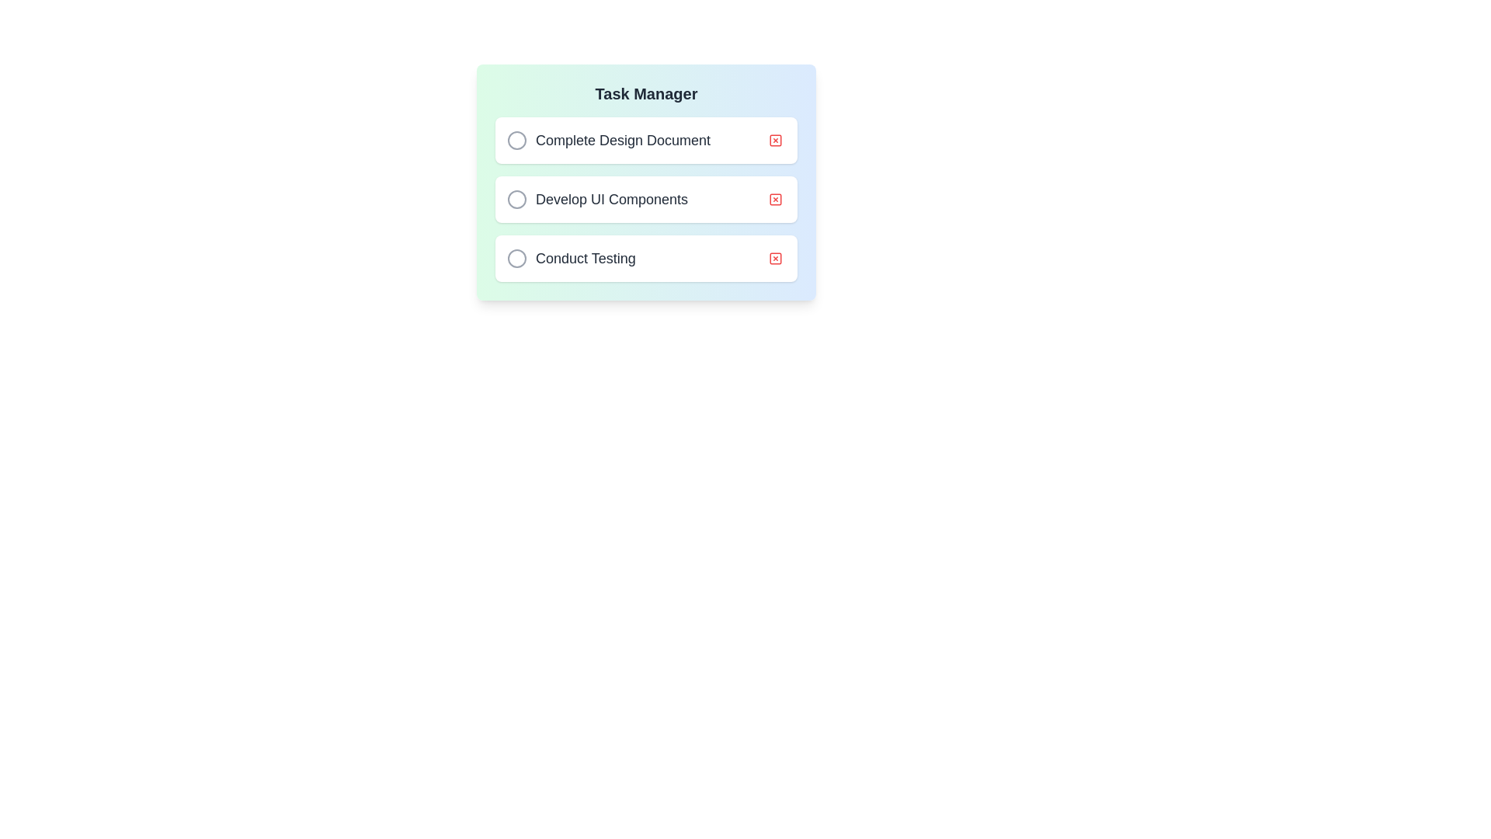  What do you see at coordinates (775, 199) in the screenshot?
I see `the red bordered square button with a smaller 'X' inside, which is located on the far right side of the 'Develop UI Components' task item` at bounding box center [775, 199].